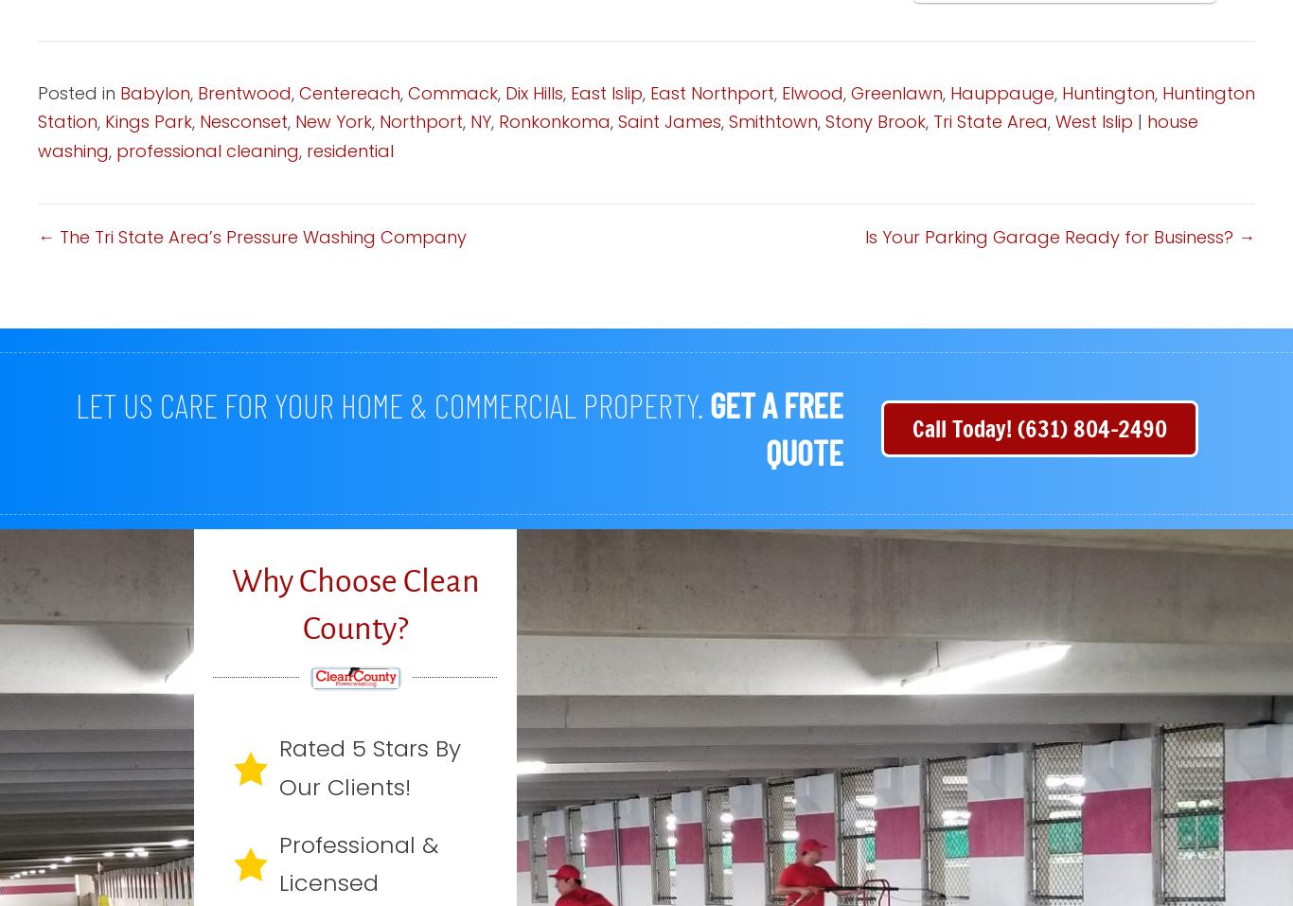 This screenshot has height=906, width=1293. I want to click on 'Smithtown', so click(772, 121).